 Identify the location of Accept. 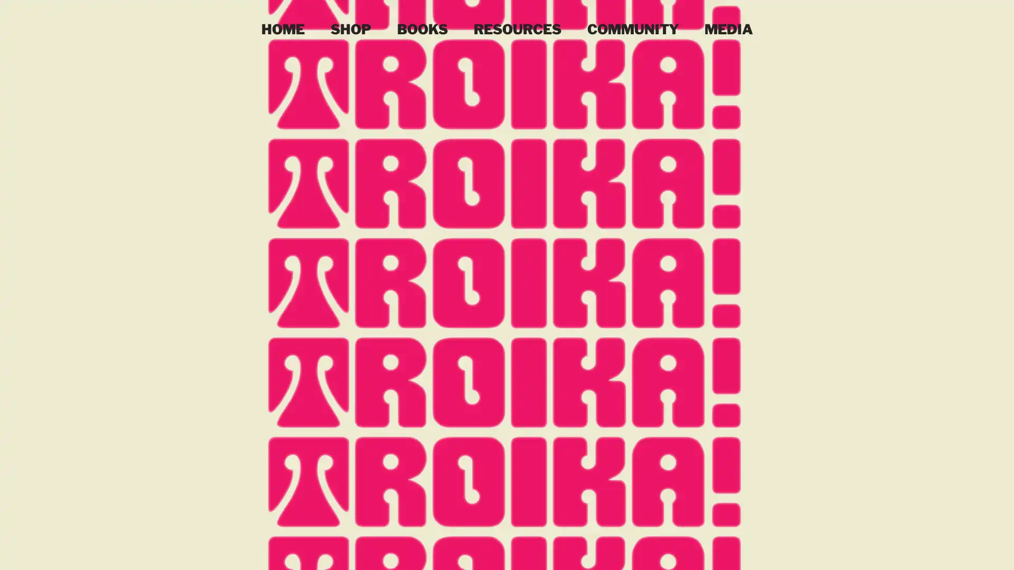
(966, 551).